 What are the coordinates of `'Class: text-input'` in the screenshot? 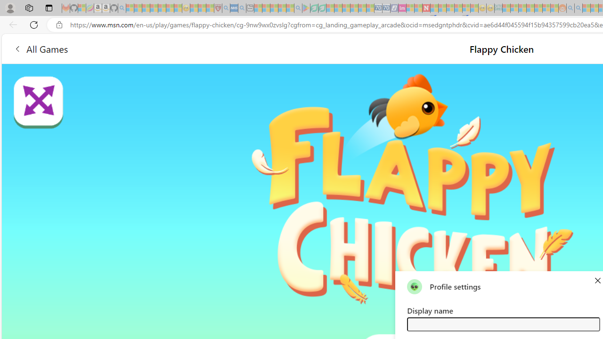 It's located at (503, 323).